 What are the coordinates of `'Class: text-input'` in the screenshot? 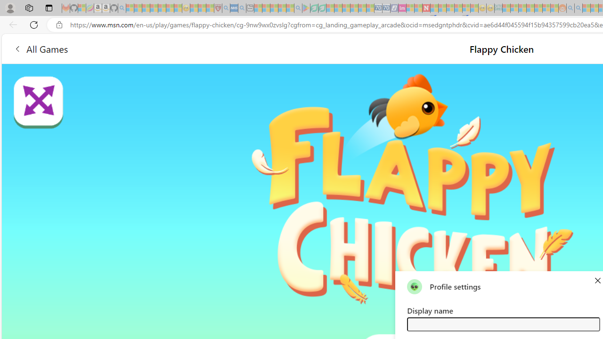 It's located at (503, 323).